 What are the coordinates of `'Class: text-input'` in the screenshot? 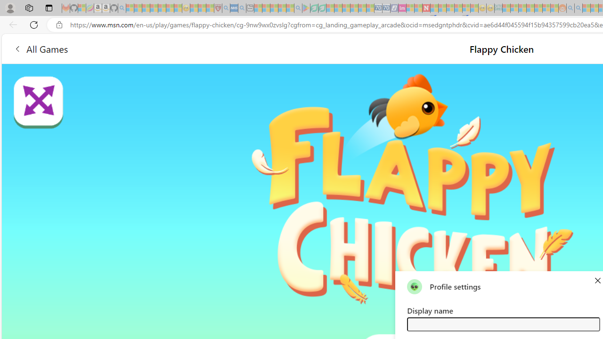 It's located at (503, 323).